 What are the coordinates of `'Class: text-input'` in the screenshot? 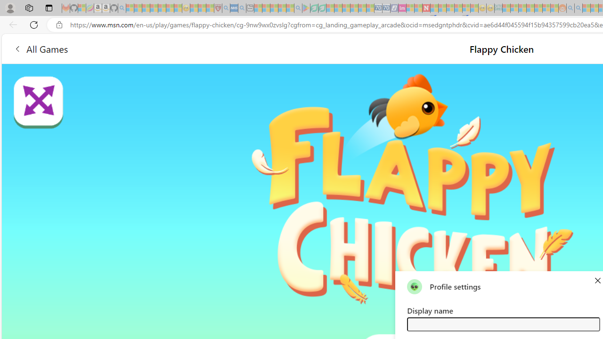 It's located at (503, 323).